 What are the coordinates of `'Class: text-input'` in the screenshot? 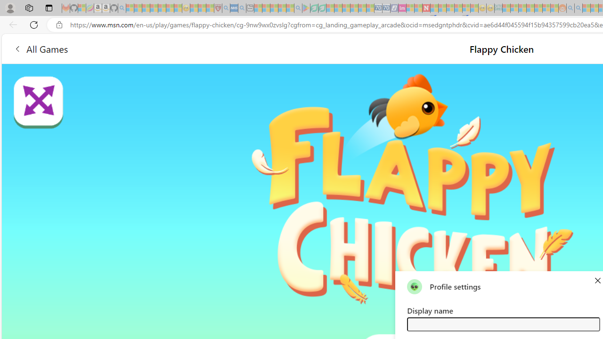 It's located at (503, 323).